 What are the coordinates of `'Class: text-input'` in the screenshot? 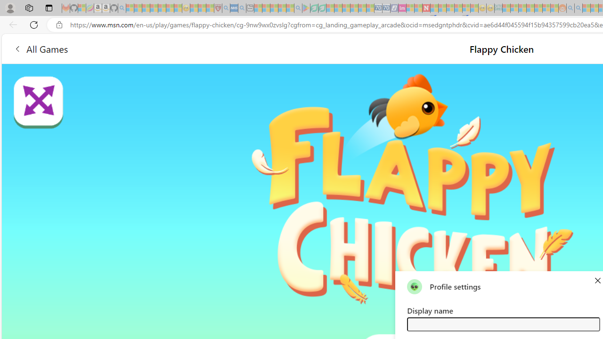 It's located at (503, 323).